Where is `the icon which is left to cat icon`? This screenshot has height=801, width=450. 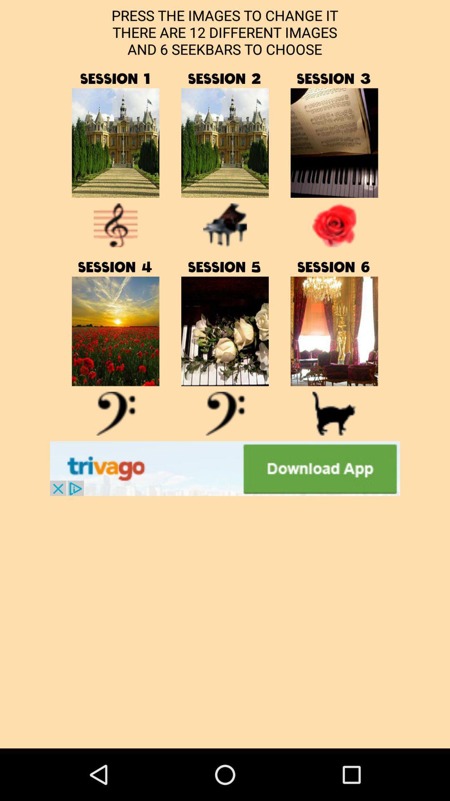 the icon which is left to cat icon is located at coordinates (225, 413).